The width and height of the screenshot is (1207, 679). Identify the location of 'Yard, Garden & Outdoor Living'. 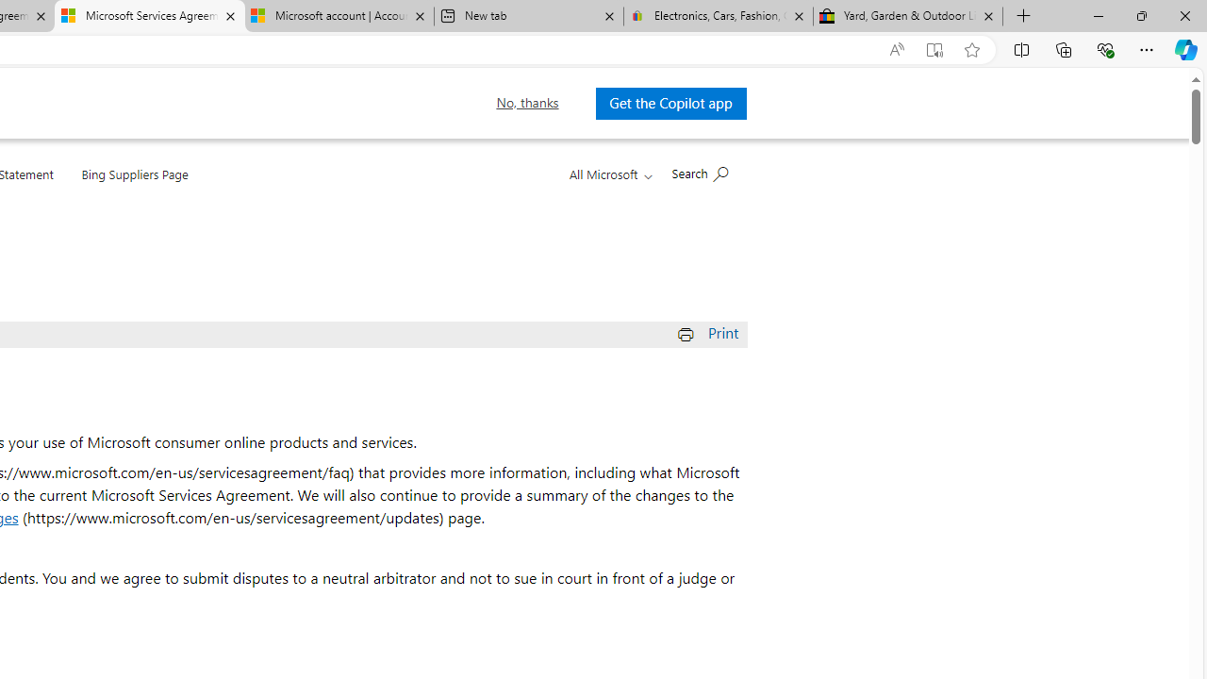
(908, 16).